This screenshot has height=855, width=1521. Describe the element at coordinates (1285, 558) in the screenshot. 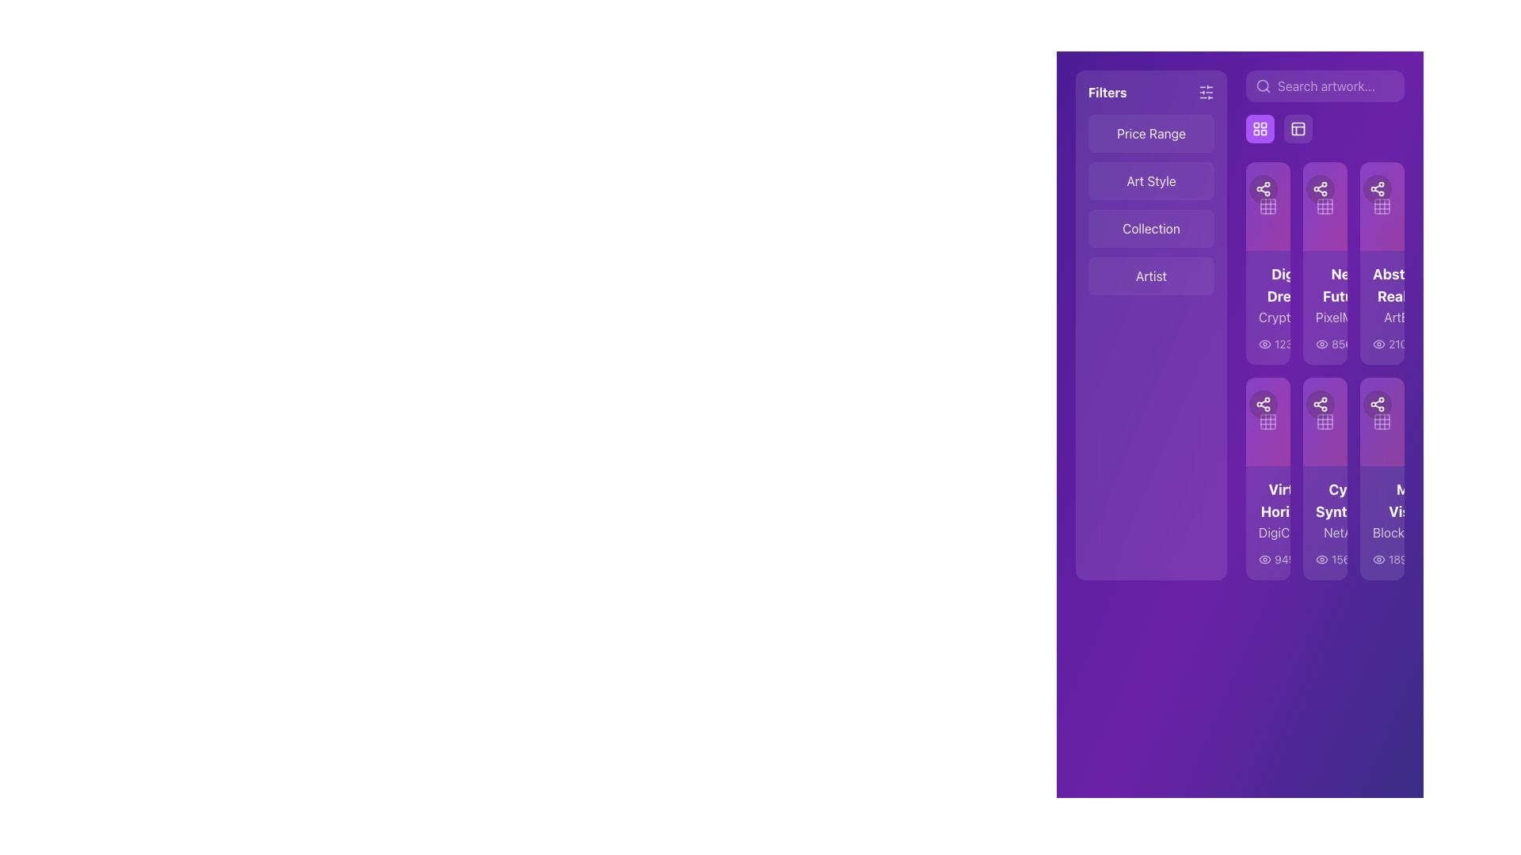

I see `the static text label displaying the numeric information '945' styled in white on a purple background, located to the right of an eye icon within the 'Virtual Horizons DigiCity' card` at that location.